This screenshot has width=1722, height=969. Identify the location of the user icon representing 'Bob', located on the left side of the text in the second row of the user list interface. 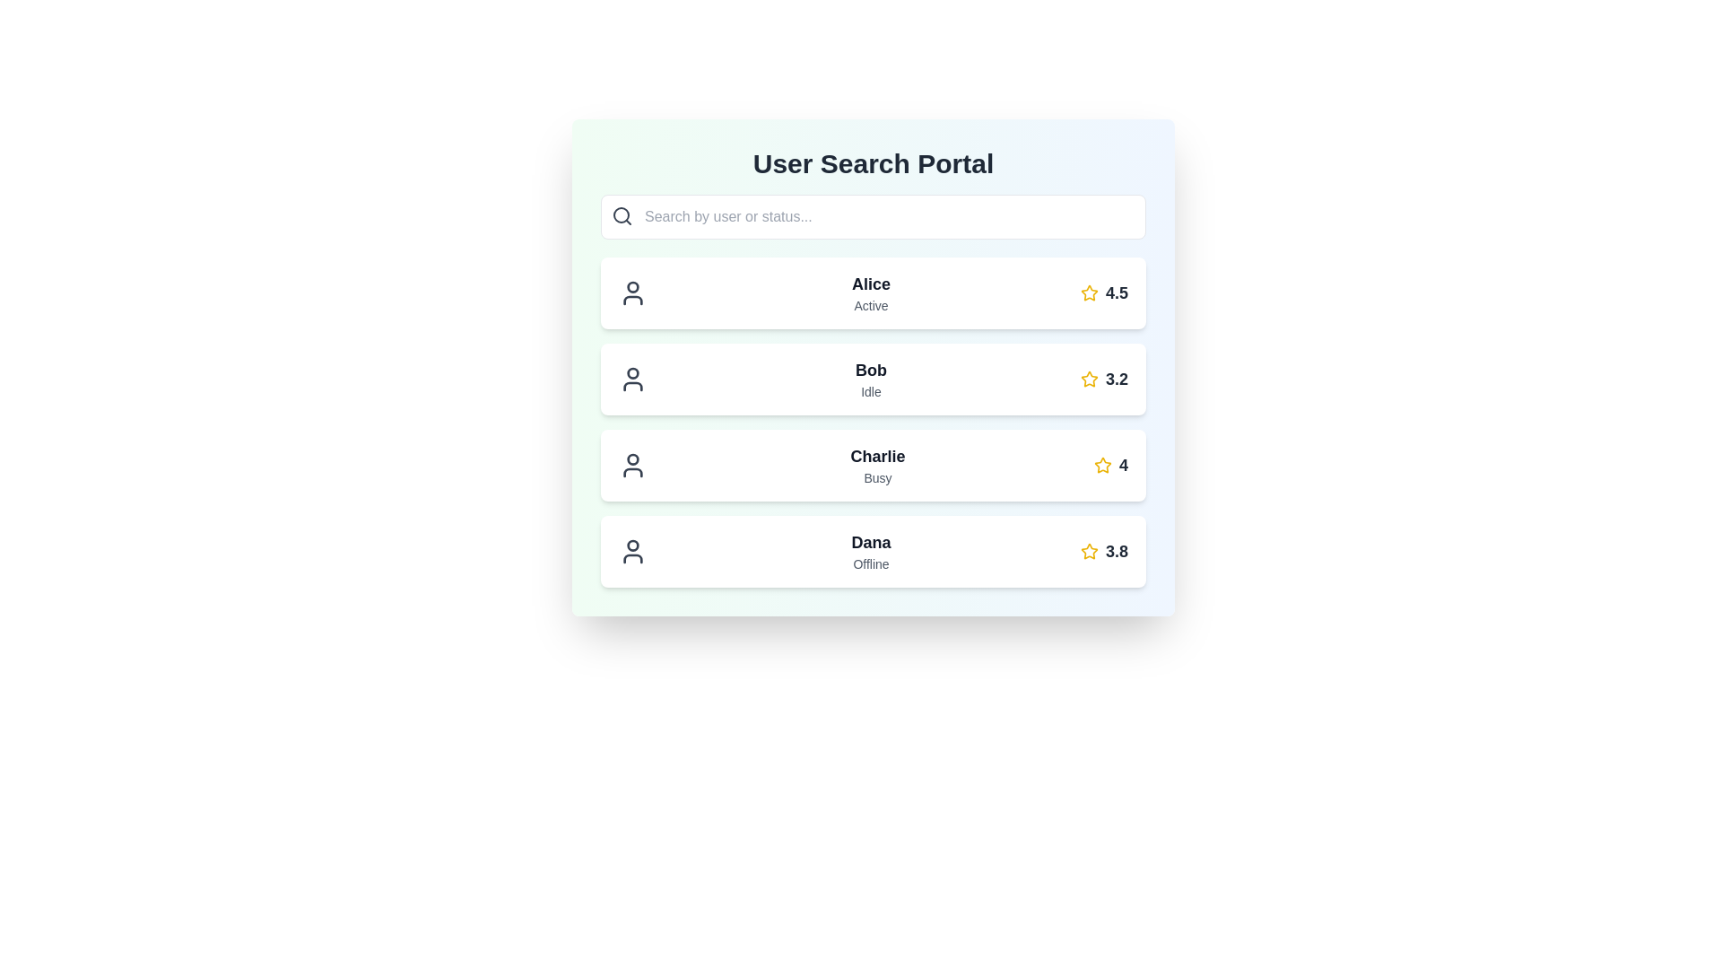
(632, 379).